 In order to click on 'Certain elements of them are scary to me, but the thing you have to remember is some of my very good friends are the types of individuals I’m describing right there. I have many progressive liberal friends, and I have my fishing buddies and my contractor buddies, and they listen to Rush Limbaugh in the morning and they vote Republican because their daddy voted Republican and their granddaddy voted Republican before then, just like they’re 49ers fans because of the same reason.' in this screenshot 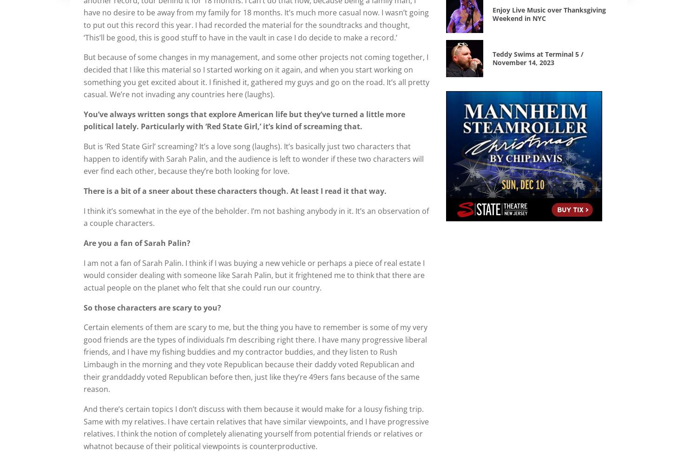, I will do `click(256, 357)`.